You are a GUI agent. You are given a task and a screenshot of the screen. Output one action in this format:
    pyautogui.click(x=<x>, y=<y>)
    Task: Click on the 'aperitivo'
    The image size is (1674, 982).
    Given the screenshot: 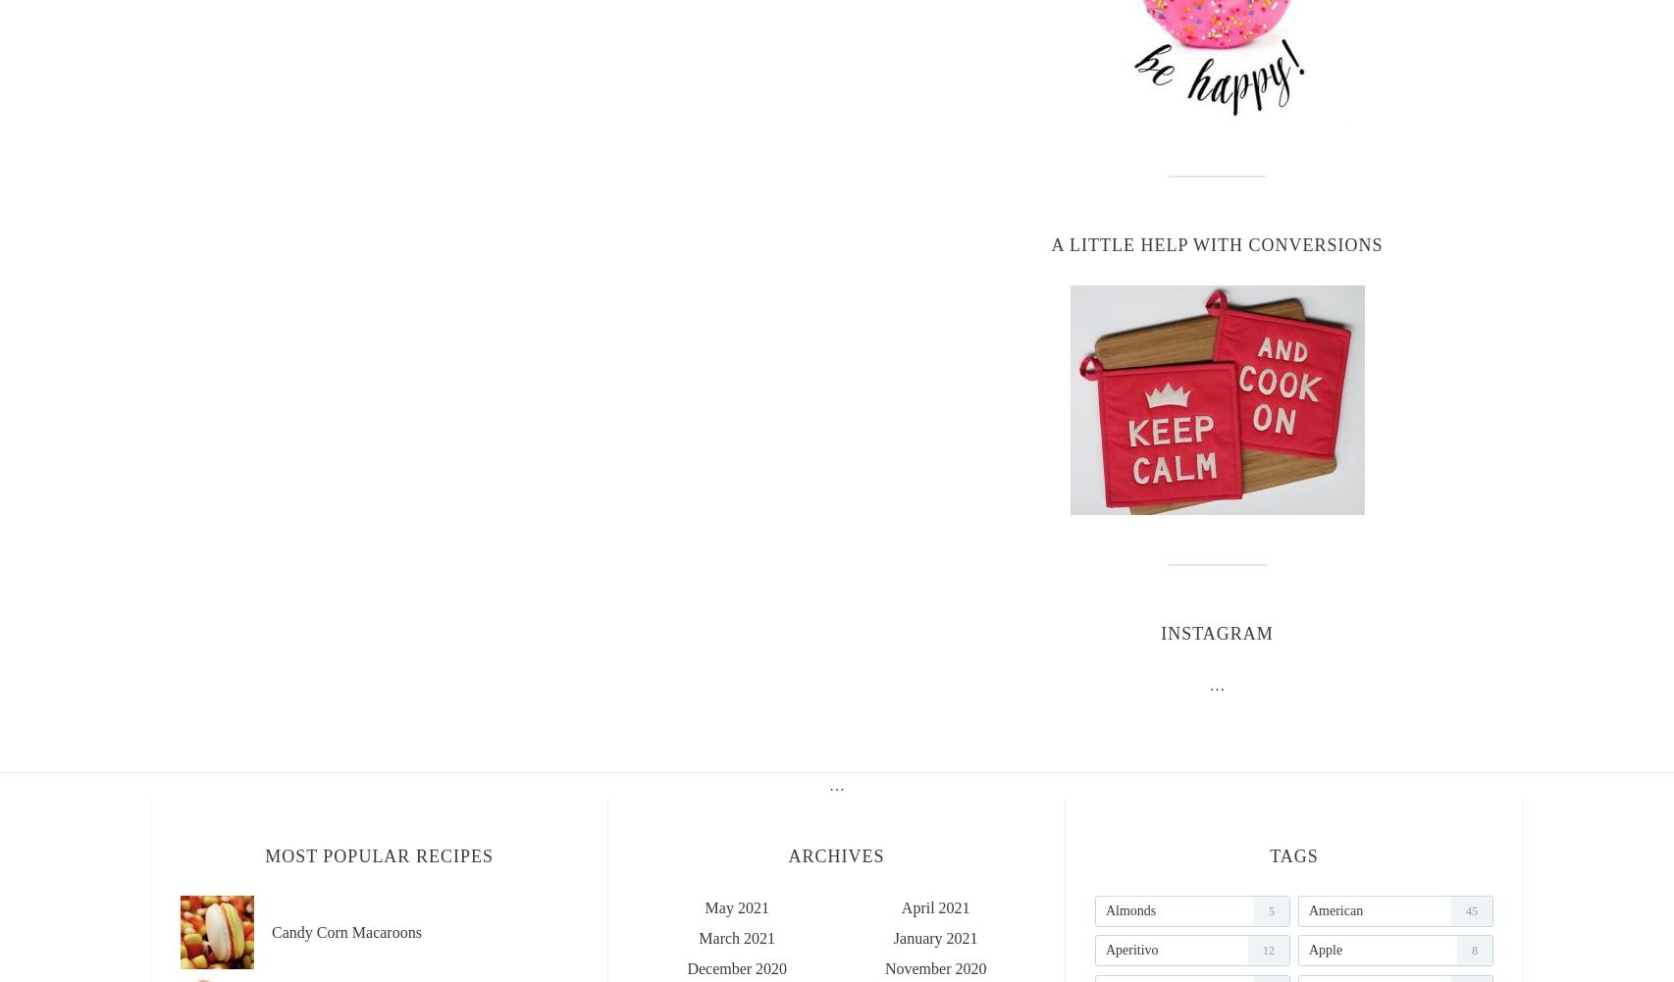 What is the action you would take?
    pyautogui.click(x=1130, y=949)
    